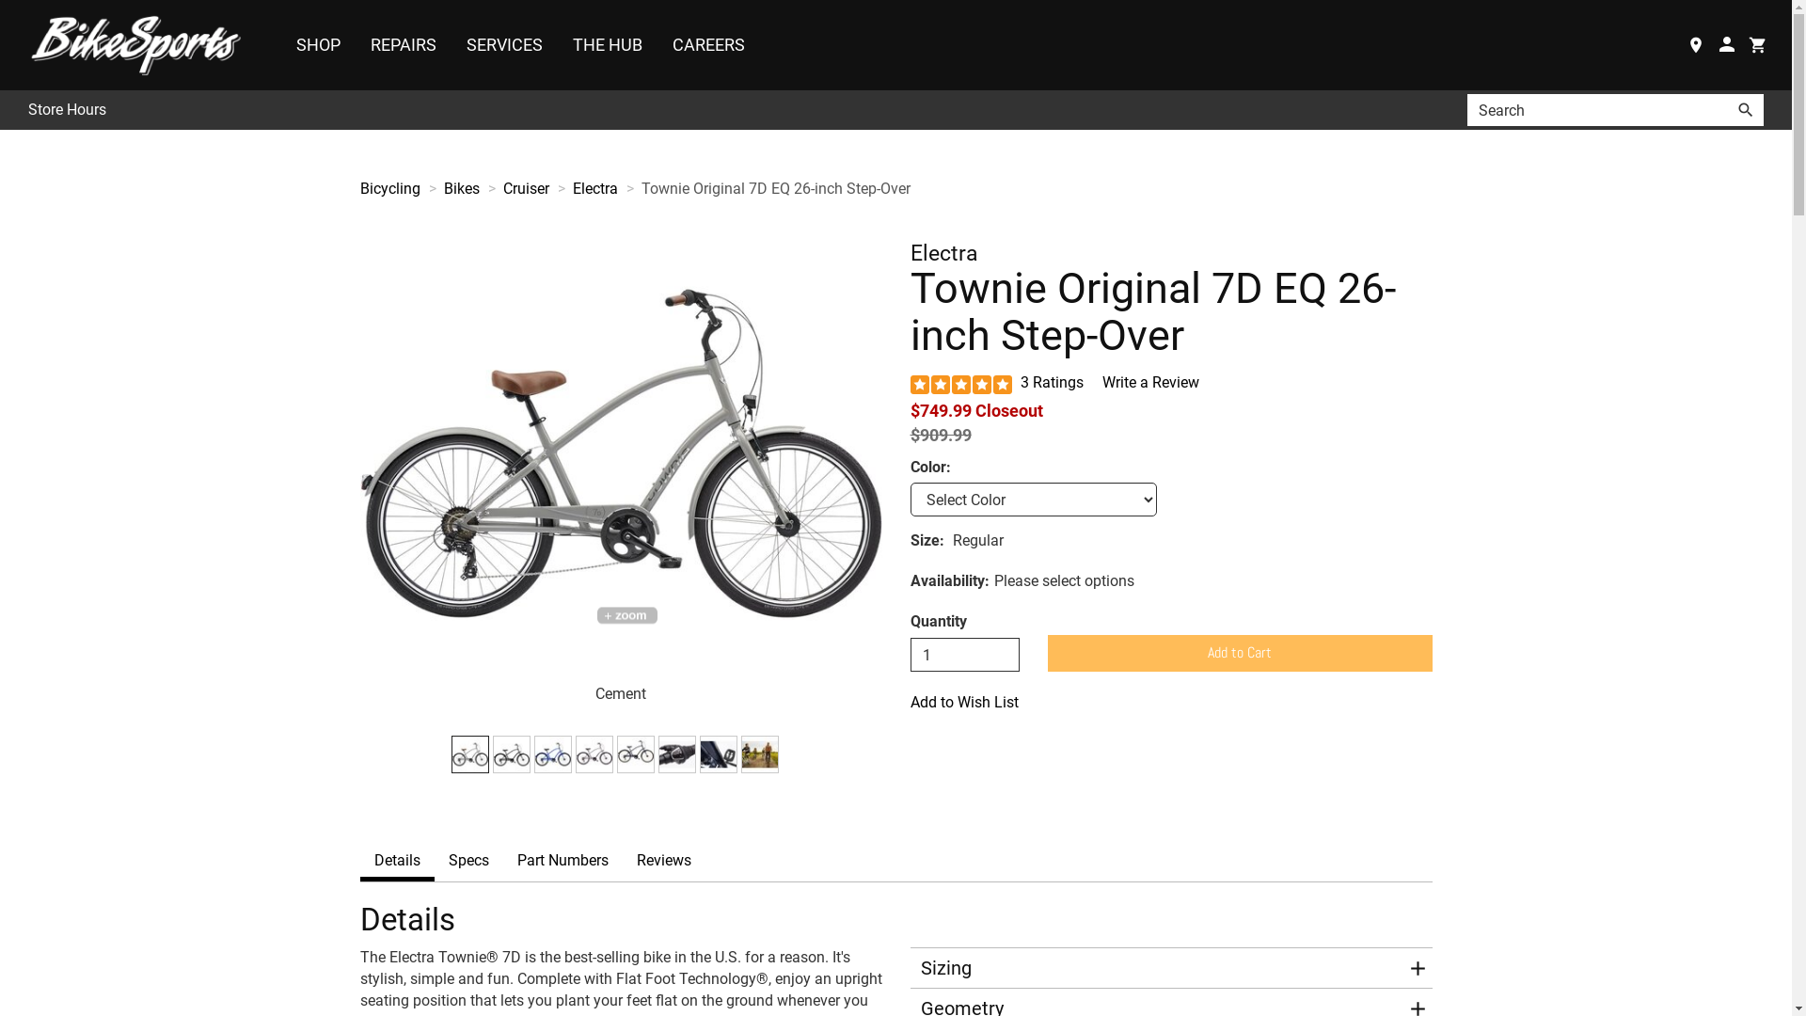 This screenshot has width=1806, height=1016. What do you see at coordinates (402, 43) in the screenshot?
I see `'REPAIRS'` at bounding box center [402, 43].